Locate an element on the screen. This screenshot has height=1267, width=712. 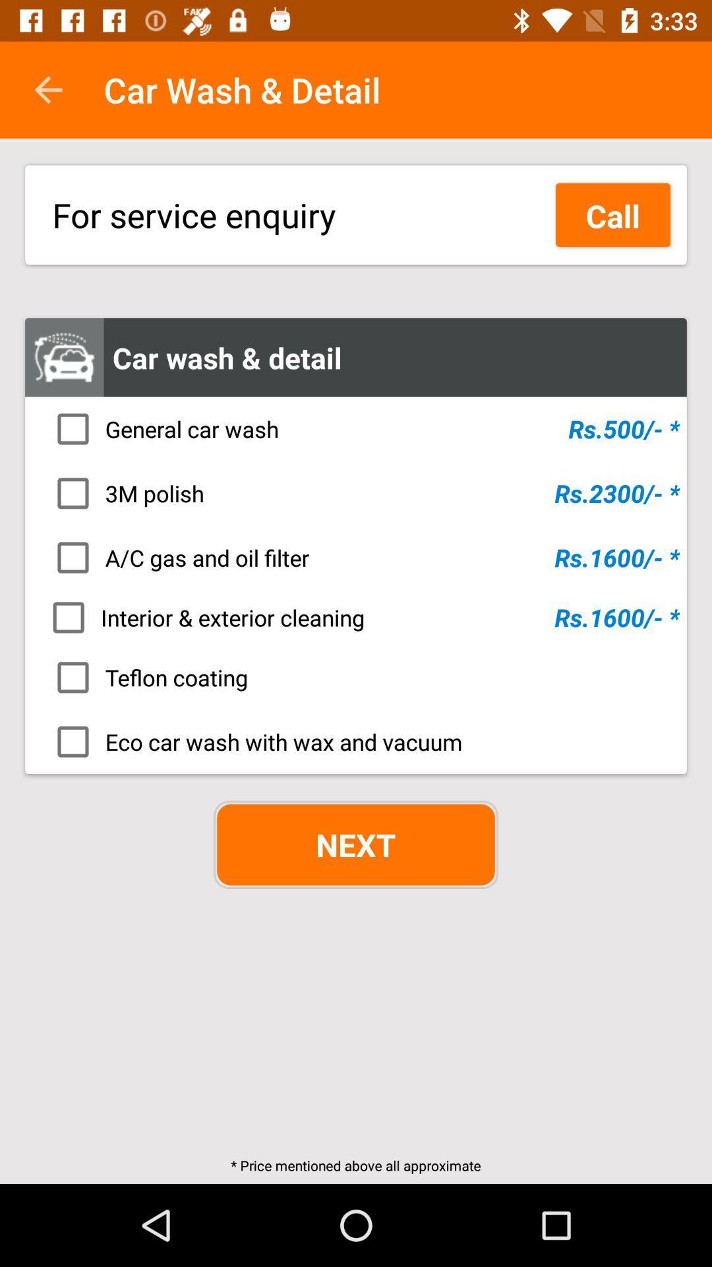
the icon above for service enquiry is located at coordinates (47, 89).